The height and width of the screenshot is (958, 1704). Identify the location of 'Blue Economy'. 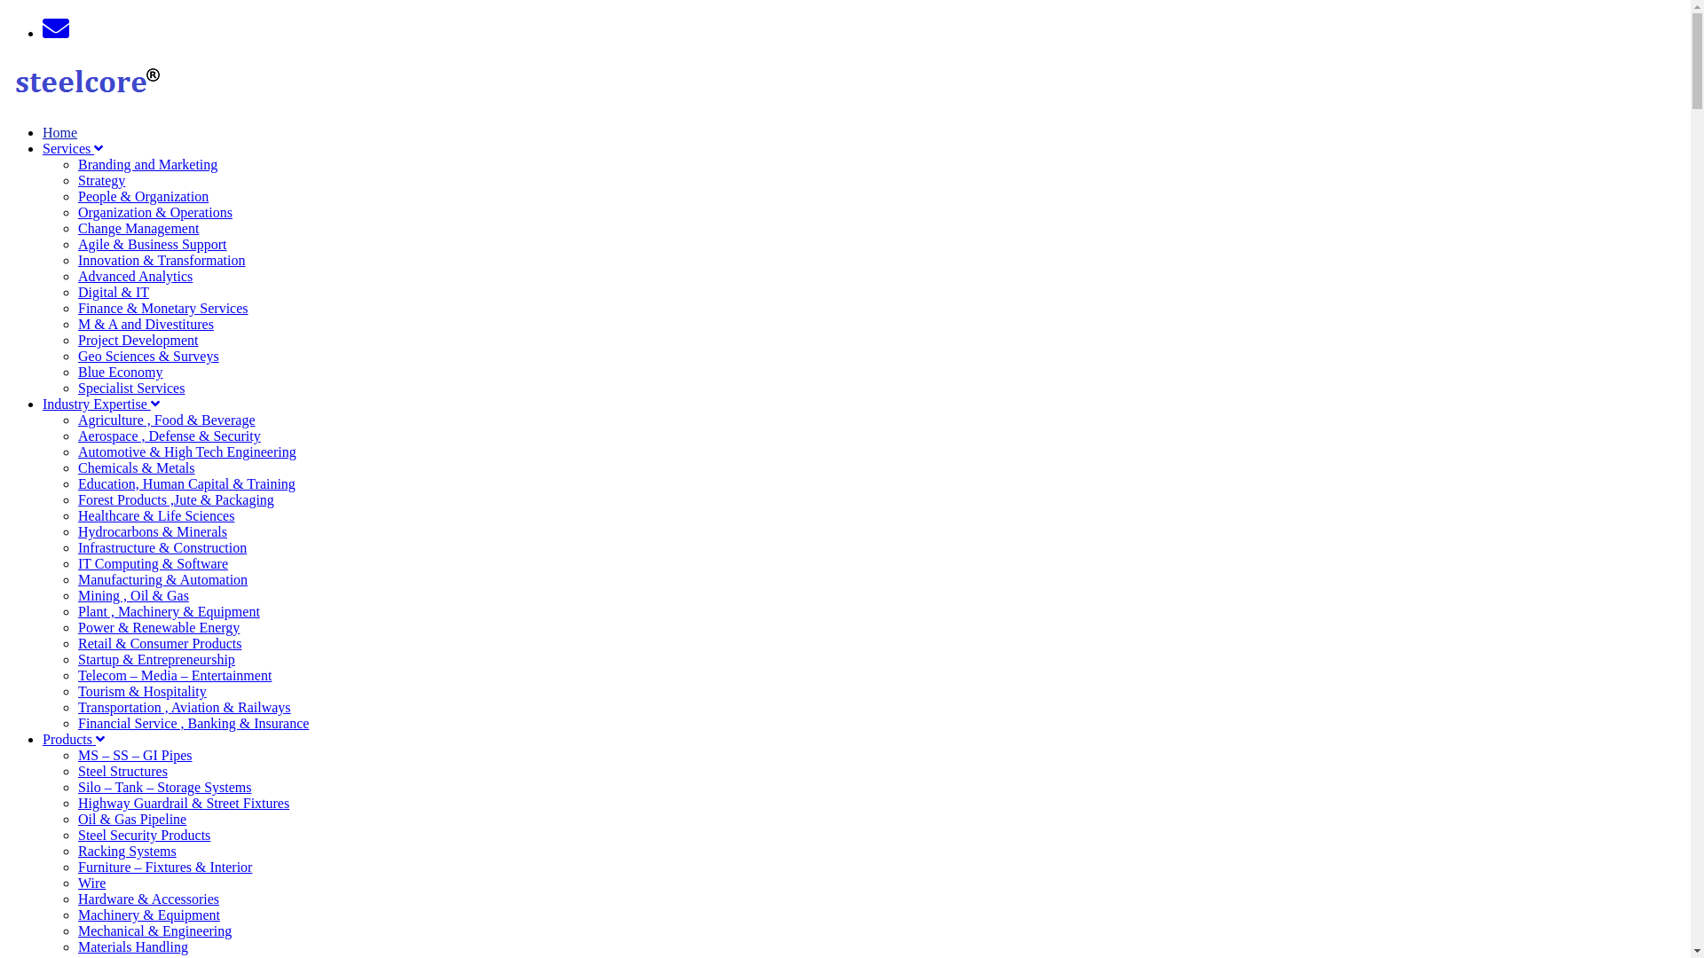
(119, 371).